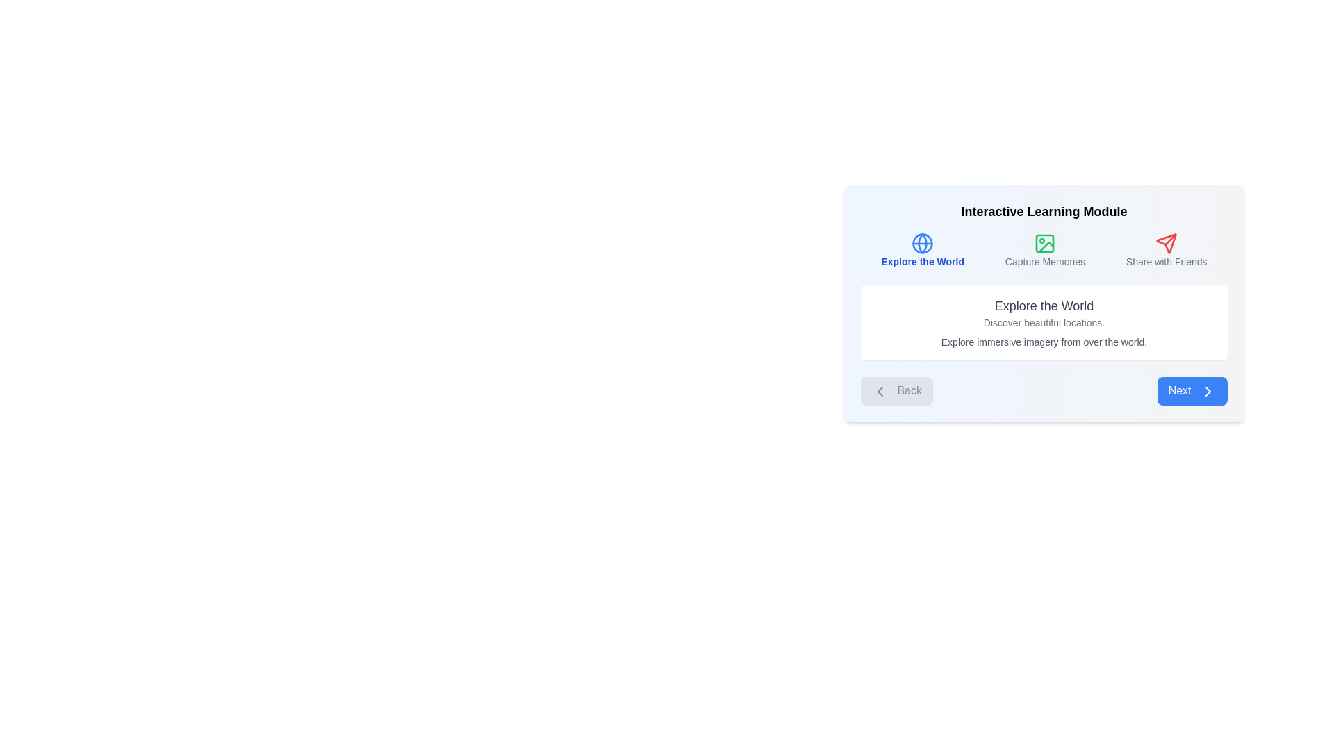 Image resolution: width=1334 pixels, height=750 pixels. I want to click on the green-colored rectangle with rounded corners nested within the second icon representing capturing images in the header section of the interactive learning module, so click(1045, 243).